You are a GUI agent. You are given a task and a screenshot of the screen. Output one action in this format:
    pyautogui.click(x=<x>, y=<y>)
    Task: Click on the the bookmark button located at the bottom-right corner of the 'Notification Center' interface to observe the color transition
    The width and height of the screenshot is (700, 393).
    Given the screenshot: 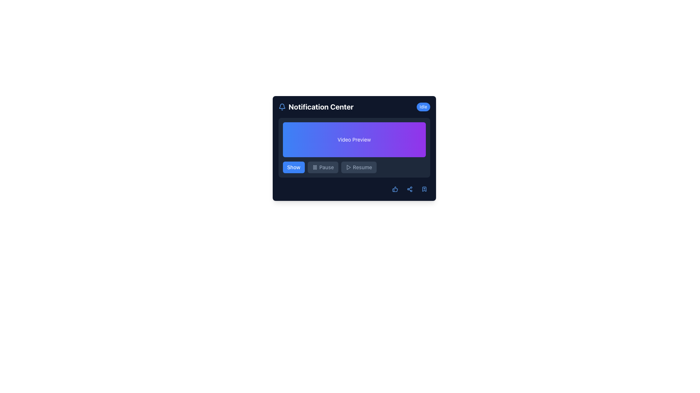 What is the action you would take?
    pyautogui.click(x=424, y=189)
    